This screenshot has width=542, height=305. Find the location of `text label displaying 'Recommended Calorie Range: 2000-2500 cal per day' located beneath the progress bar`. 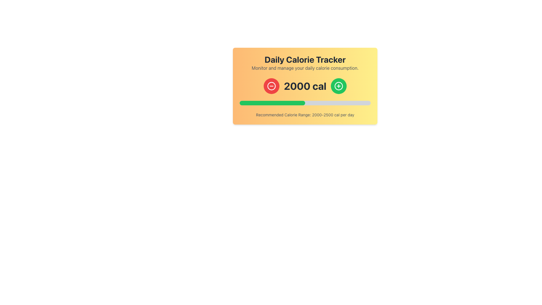

text label displaying 'Recommended Calorie Range: 2000-2500 cal per day' located beneath the progress bar is located at coordinates (305, 115).